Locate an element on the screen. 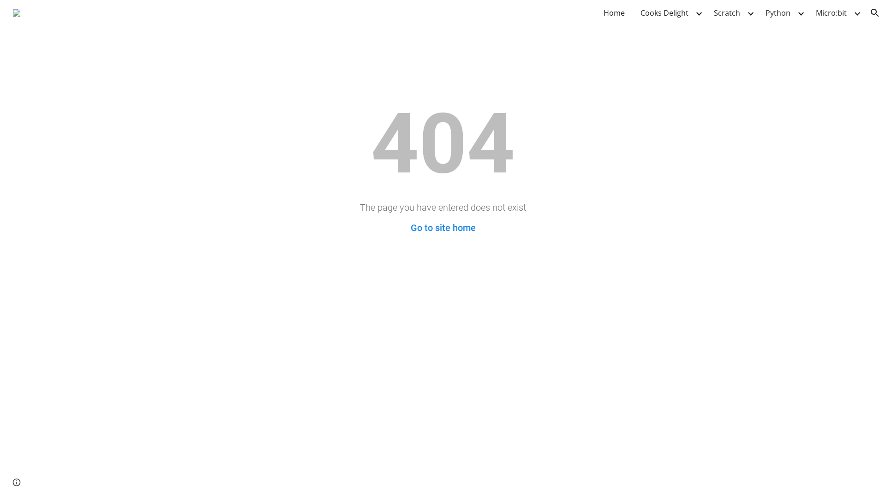  'Expand/Collapse' is located at coordinates (800, 12).